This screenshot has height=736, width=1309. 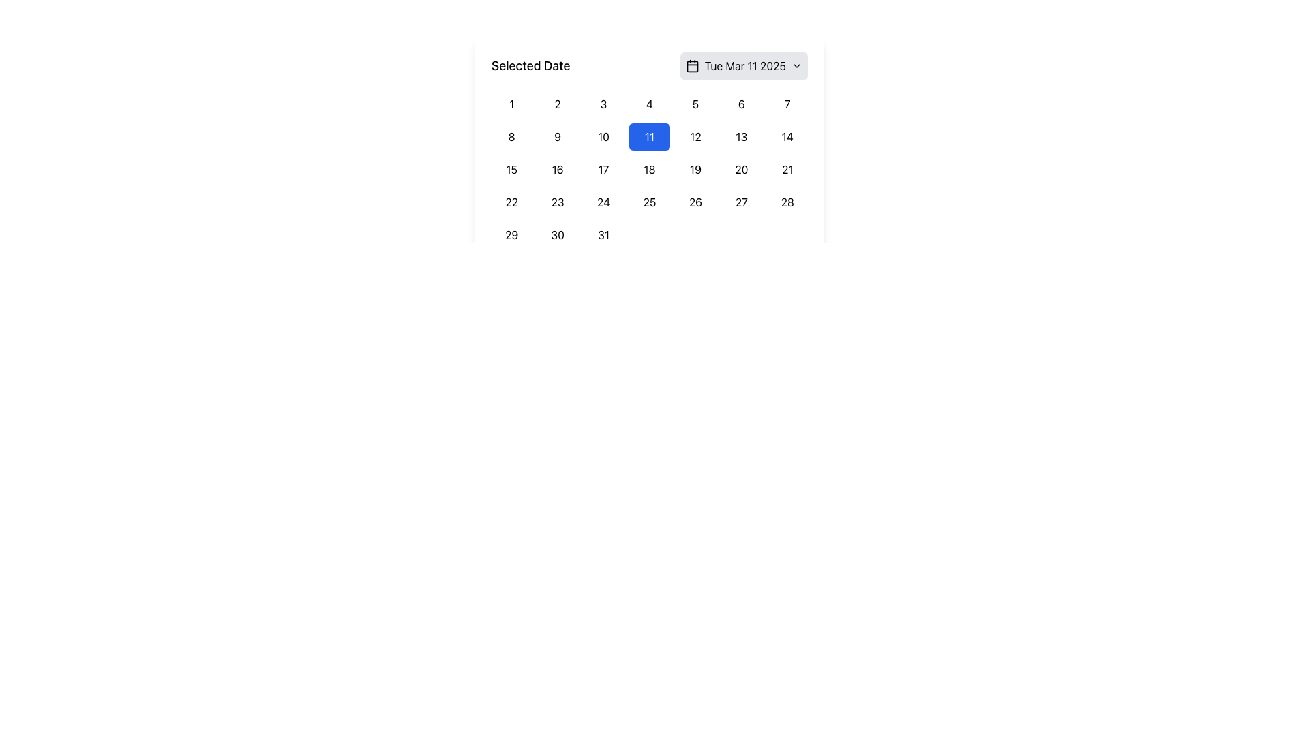 I want to click on the small rectangular button labeled '2' located in the first row and second column of the calendar grid, so click(x=558, y=104).